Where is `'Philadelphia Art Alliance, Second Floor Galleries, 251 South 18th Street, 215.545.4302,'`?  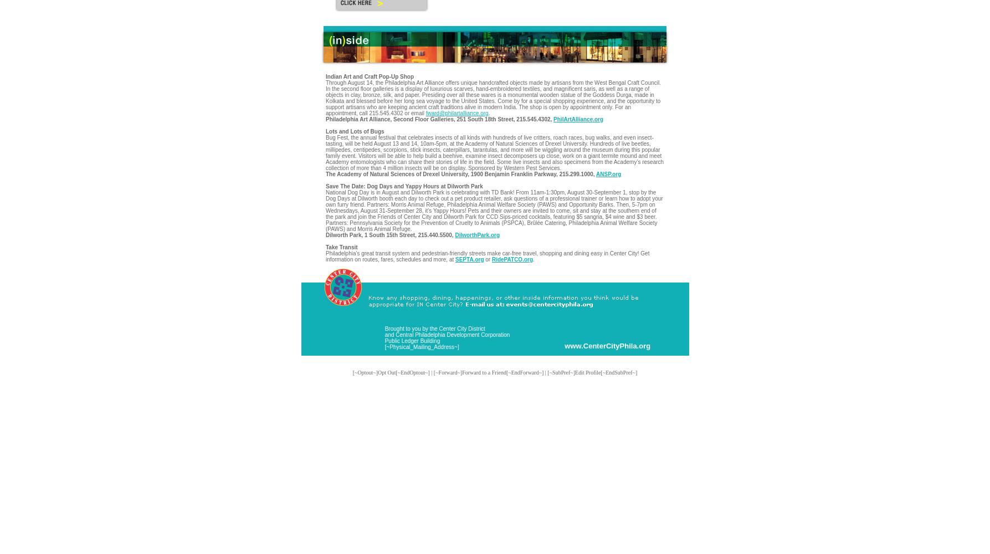
'Philadelphia Art Alliance, Second Floor Galleries, 251 South 18th Street, 215.545.4302,' is located at coordinates (325, 119).